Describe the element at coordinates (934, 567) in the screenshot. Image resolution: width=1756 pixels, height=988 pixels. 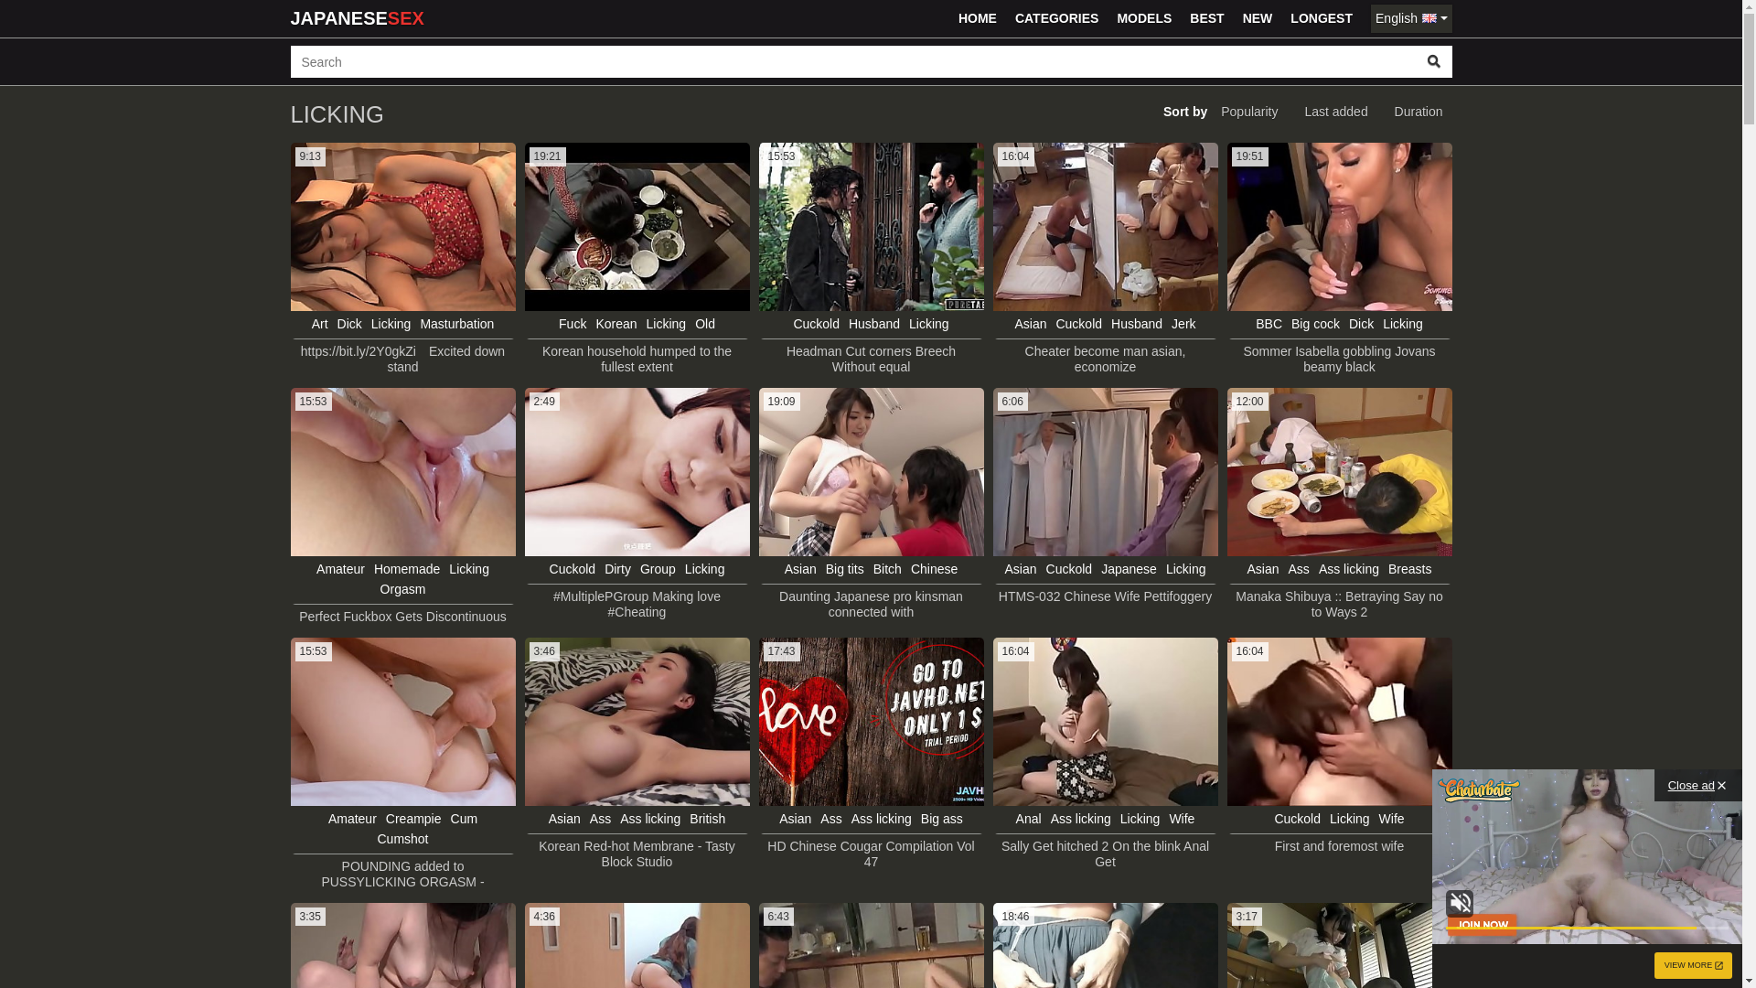
I see `'Chinese'` at that location.